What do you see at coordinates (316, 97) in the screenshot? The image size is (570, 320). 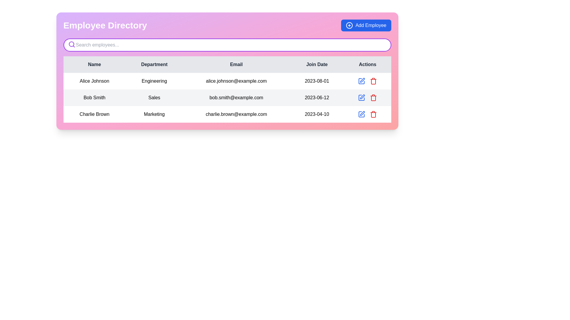 I see `the text element displaying the date '2023-06-12', which is part of the 'Join Date' column in a table row` at bounding box center [316, 97].